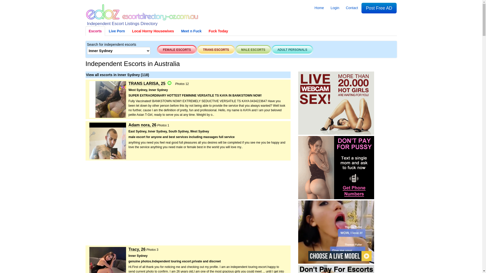  I want to click on 'Home', so click(319, 8).